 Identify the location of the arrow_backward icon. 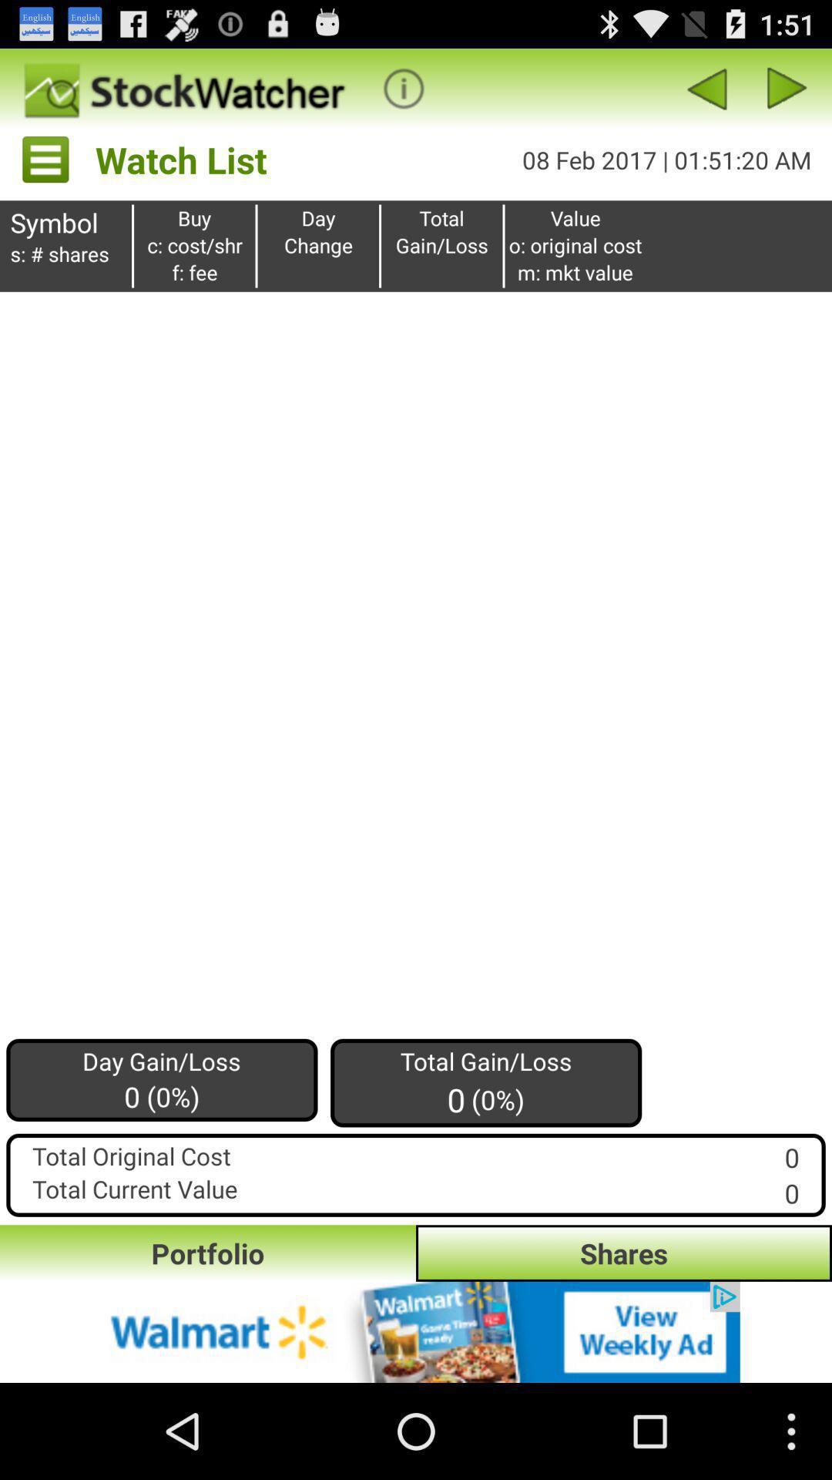
(706, 94).